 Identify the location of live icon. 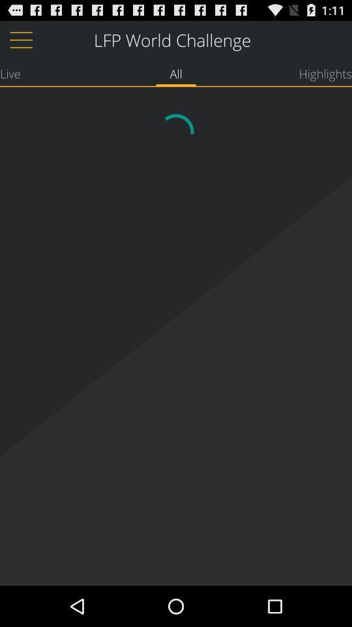
(9, 73).